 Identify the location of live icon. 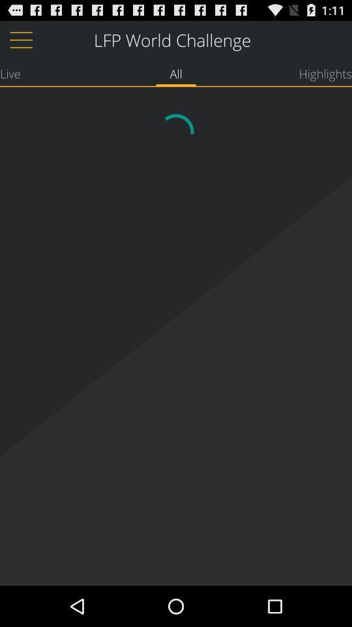
(9, 73).